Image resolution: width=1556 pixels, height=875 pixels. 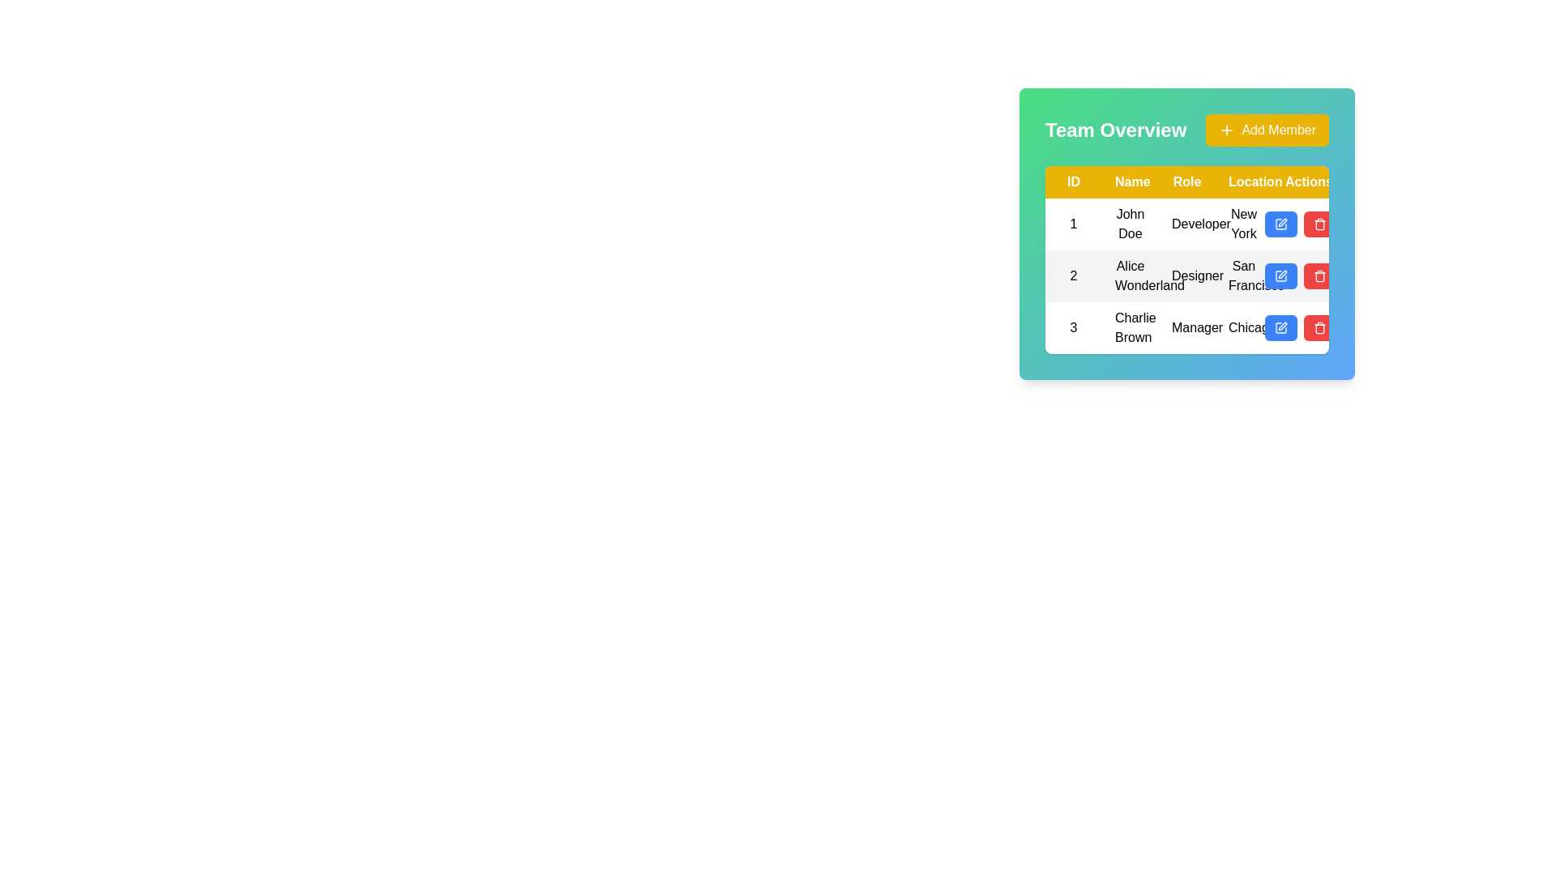 I want to click on the edit button located in the actions column of the last row of the data table to initiate editing, so click(x=1280, y=328).